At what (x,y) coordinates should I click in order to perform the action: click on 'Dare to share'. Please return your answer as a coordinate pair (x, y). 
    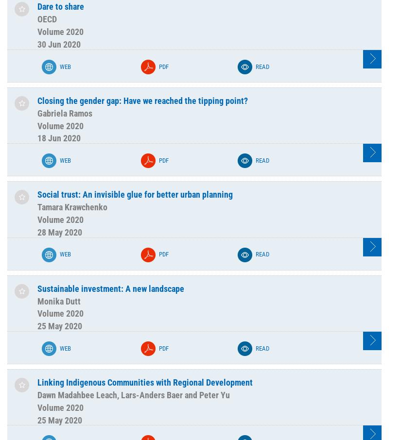
    Looking at the image, I should click on (60, 6).